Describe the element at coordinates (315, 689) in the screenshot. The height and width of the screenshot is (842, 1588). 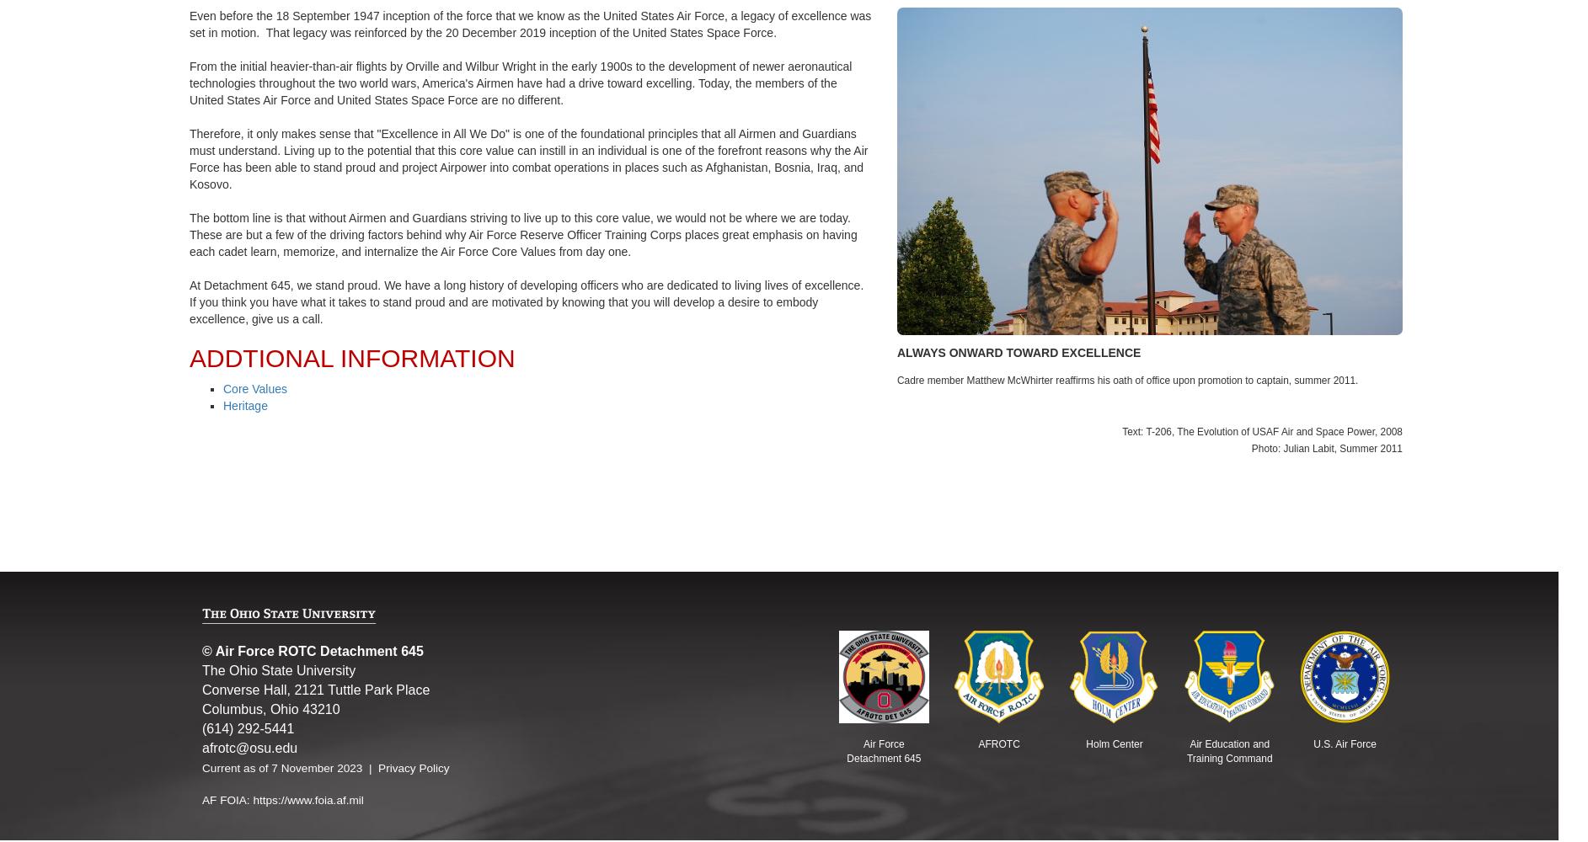
I see `'Converse Hall, 2121 Tuttle Park Place'` at that location.